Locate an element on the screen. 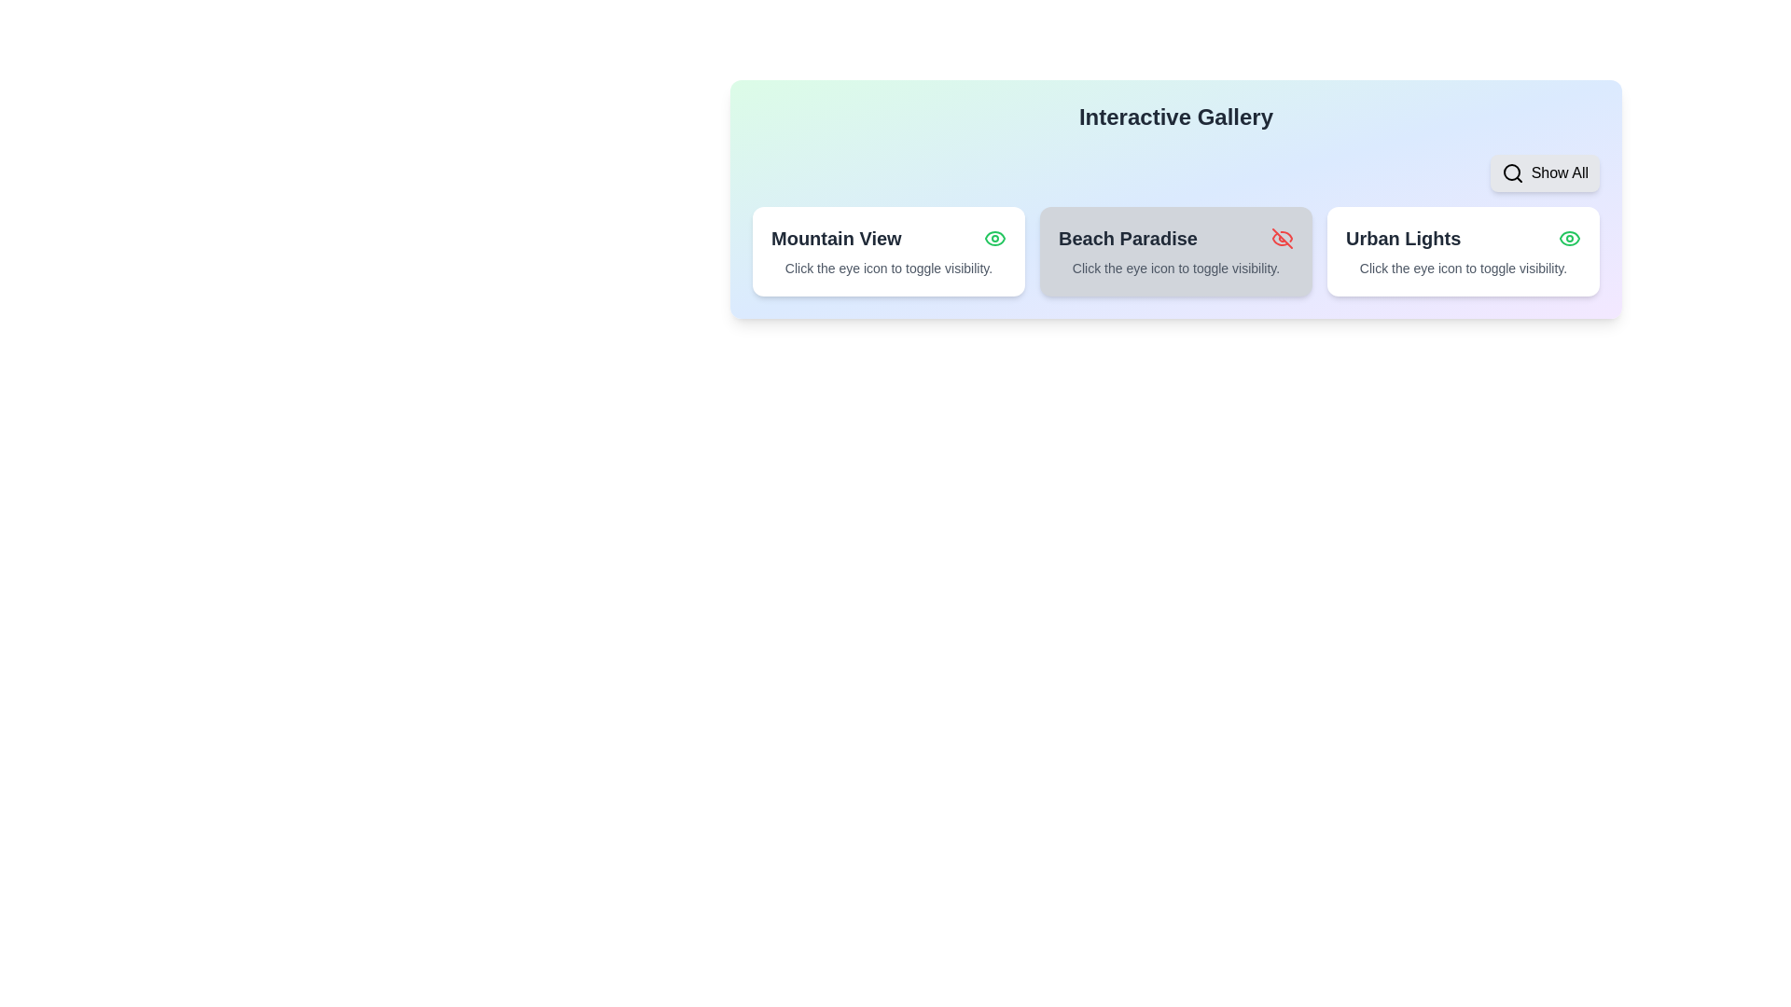 This screenshot has height=1007, width=1791. 'Show All' button to make all items visible is located at coordinates (1545, 172).